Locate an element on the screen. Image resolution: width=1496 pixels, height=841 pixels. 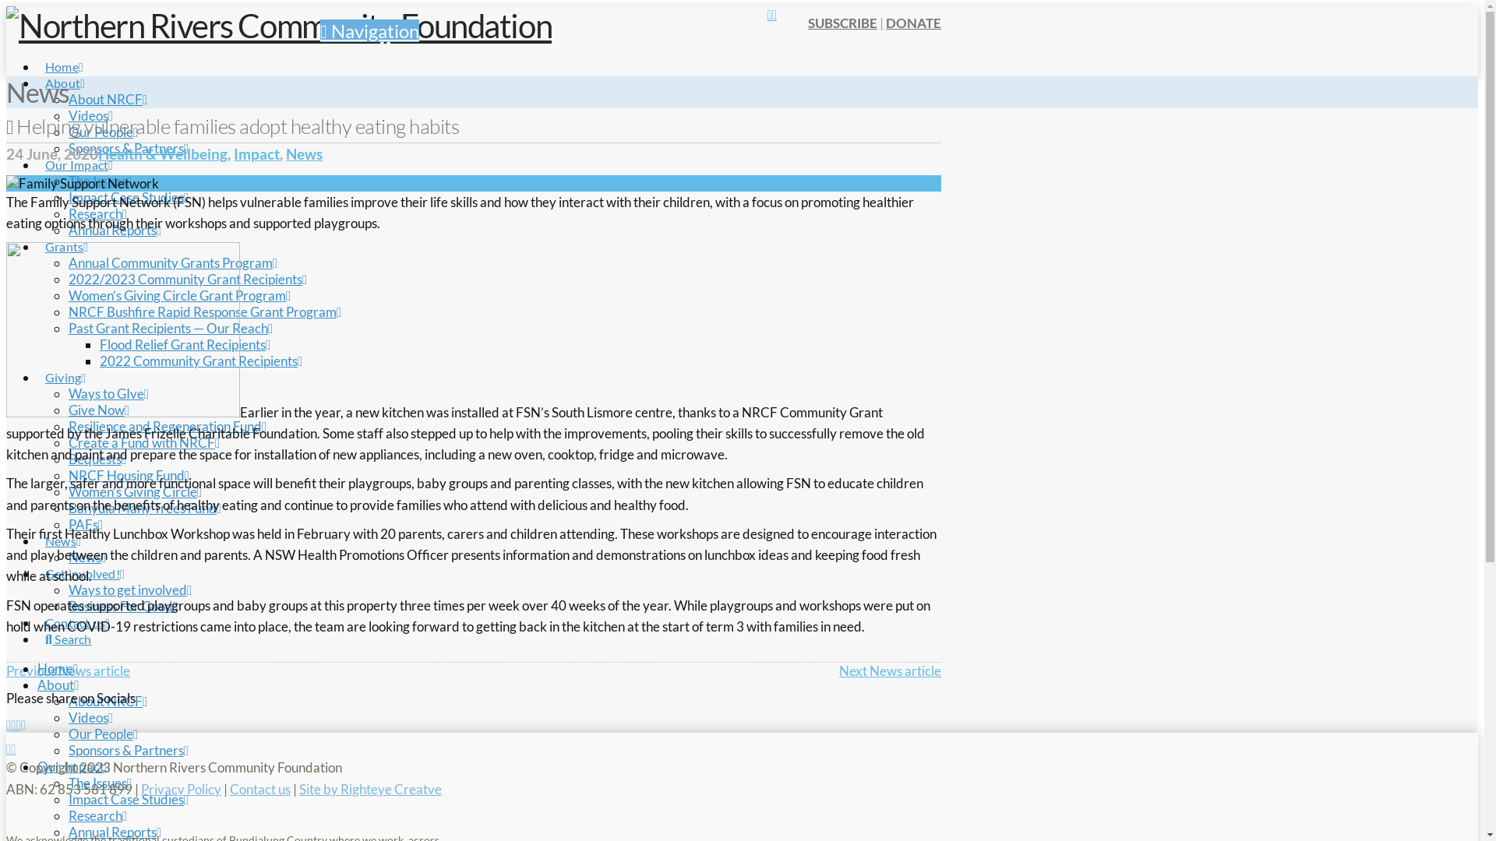
'Site by Righteye Creatve' is located at coordinates (369, 789).